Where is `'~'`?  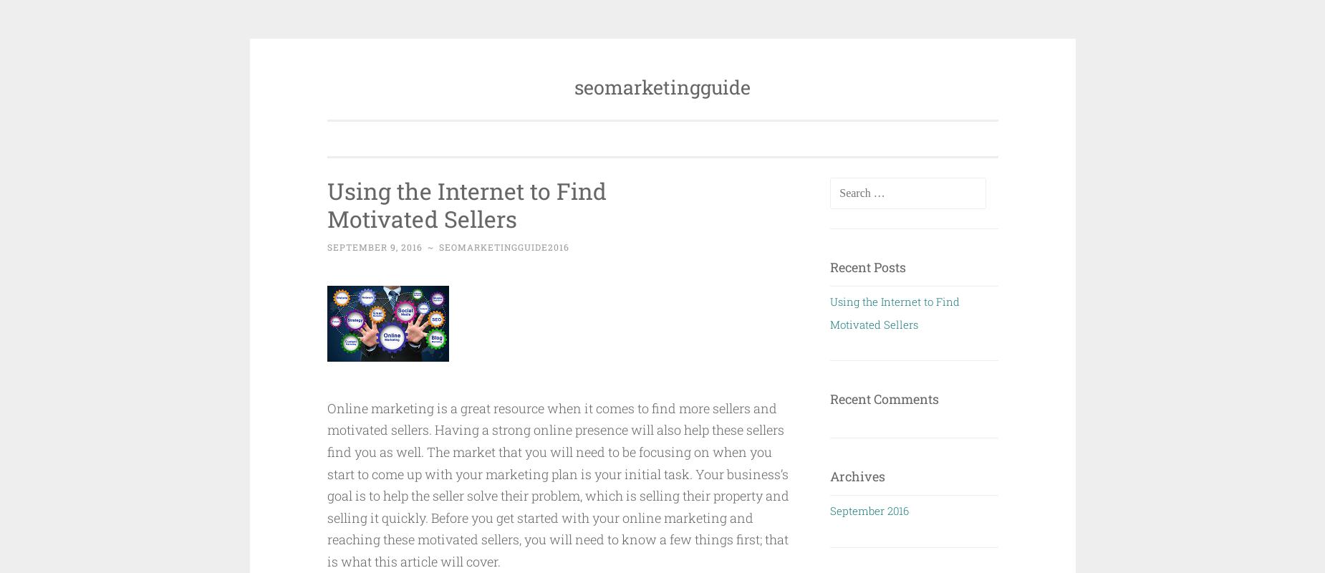 '~' is located at coordinates (430, 246).